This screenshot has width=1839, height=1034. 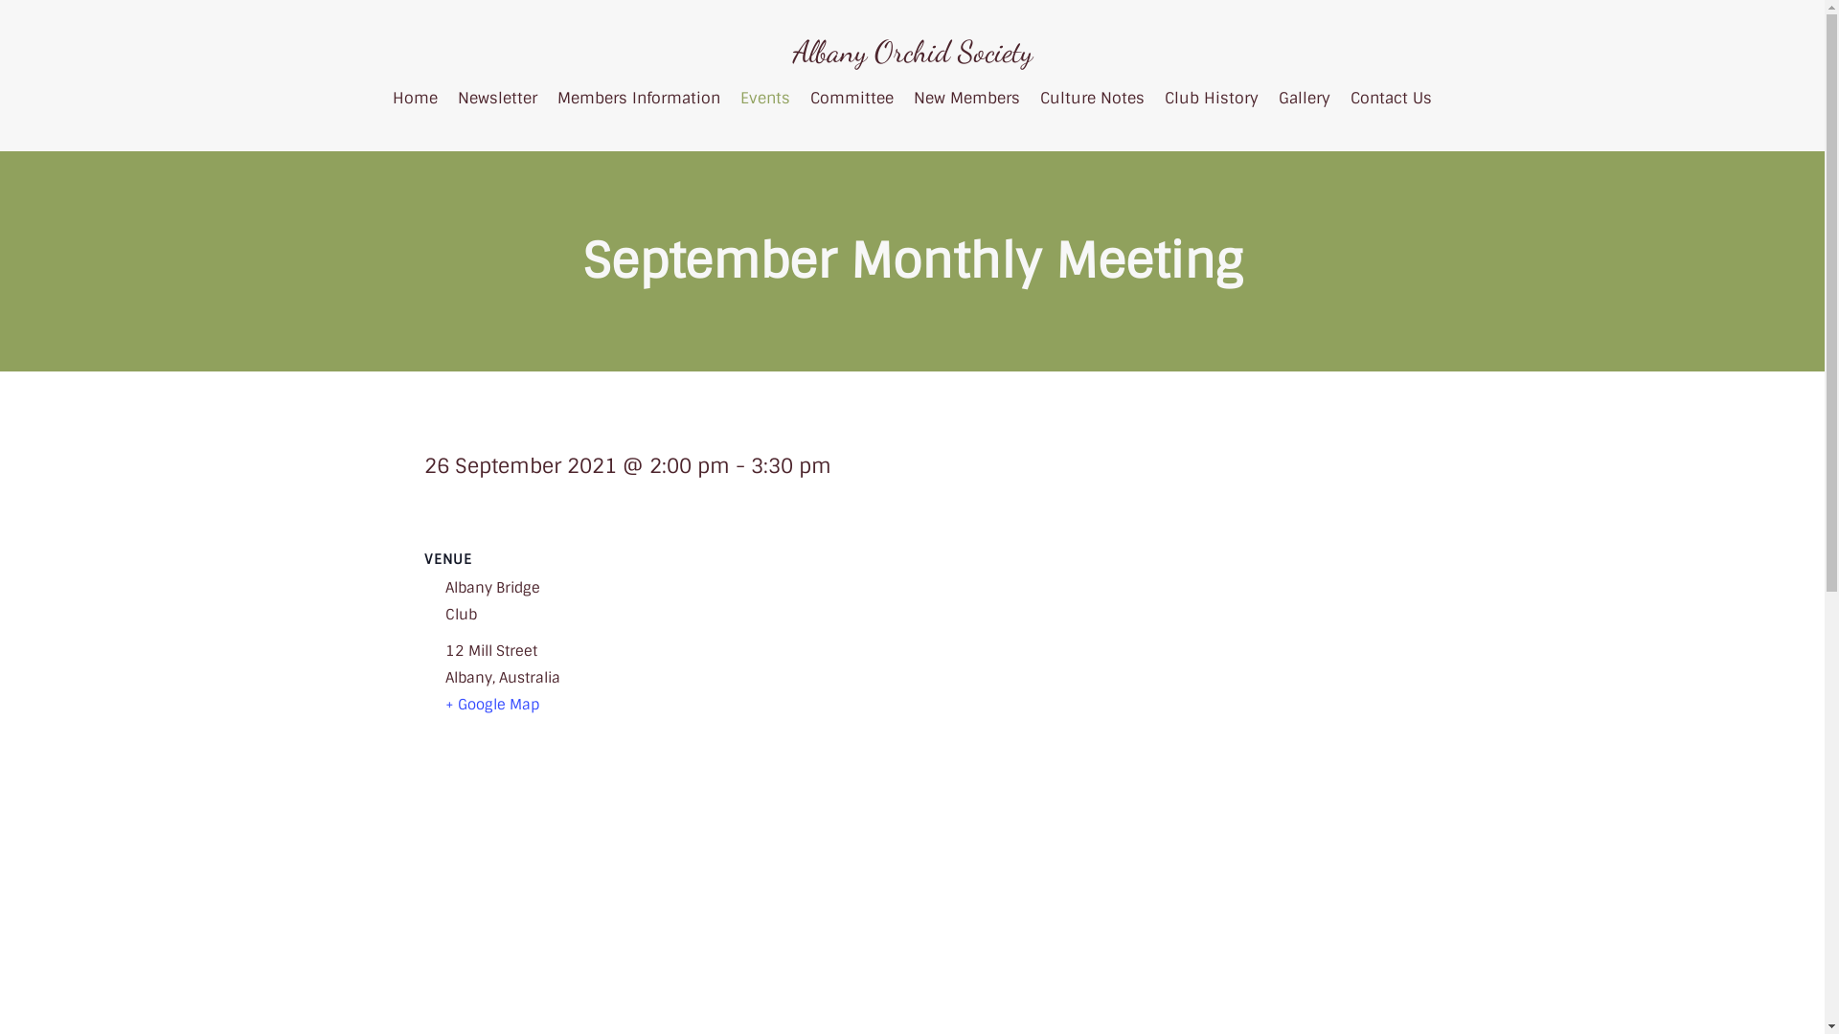 What do you see at coordinates (793, 51) in the screenshot?
I see `'Albany Orchid Society'` at bounding box center [793, 51].